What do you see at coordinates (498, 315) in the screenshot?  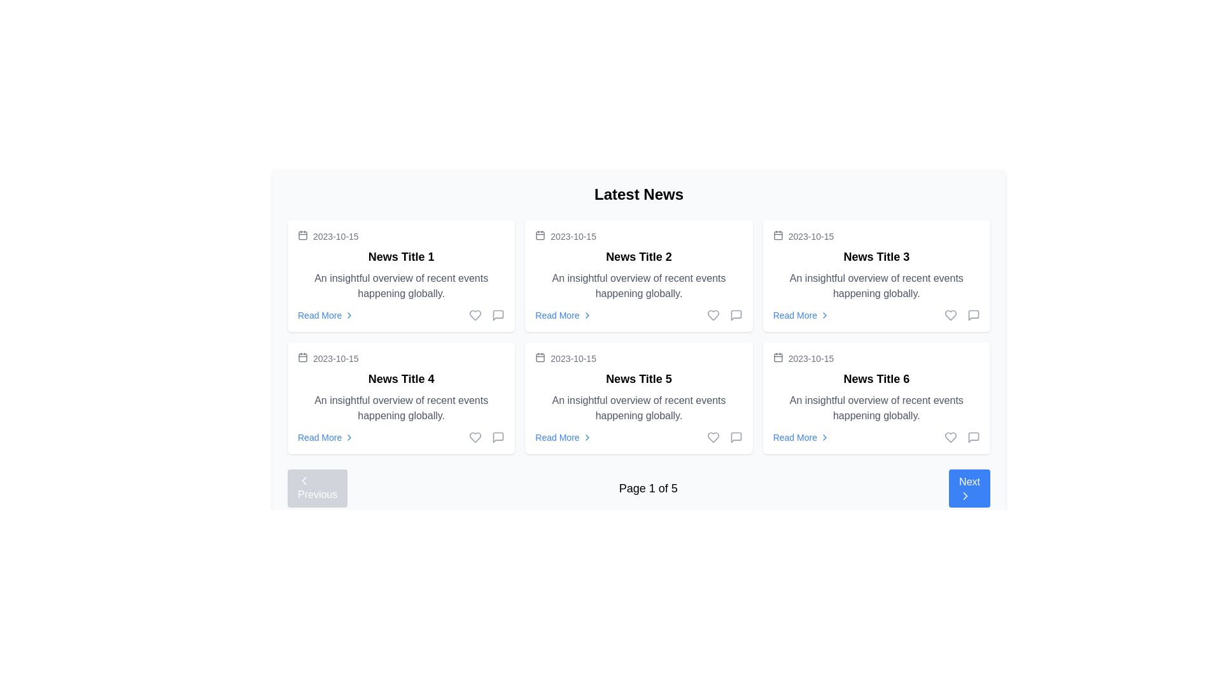 I see `messaging icon located in the bottom-right corner of the card labeled 'News Title 1'` at bounding box center [498, 315].